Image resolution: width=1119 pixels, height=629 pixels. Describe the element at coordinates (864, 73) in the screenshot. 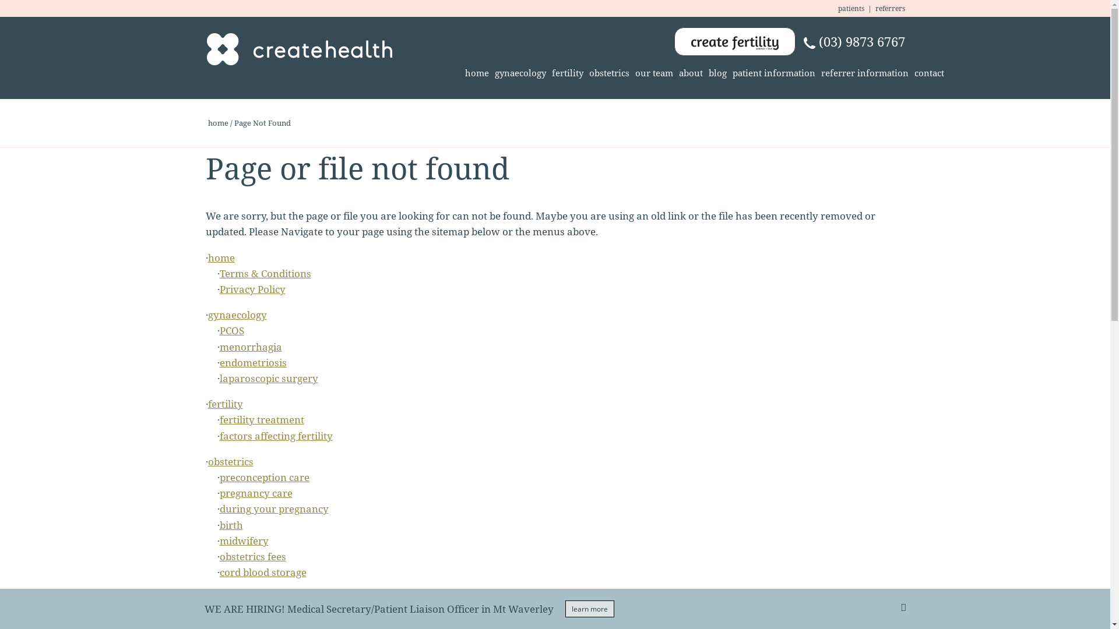

I see `'referrer information'` at that location.